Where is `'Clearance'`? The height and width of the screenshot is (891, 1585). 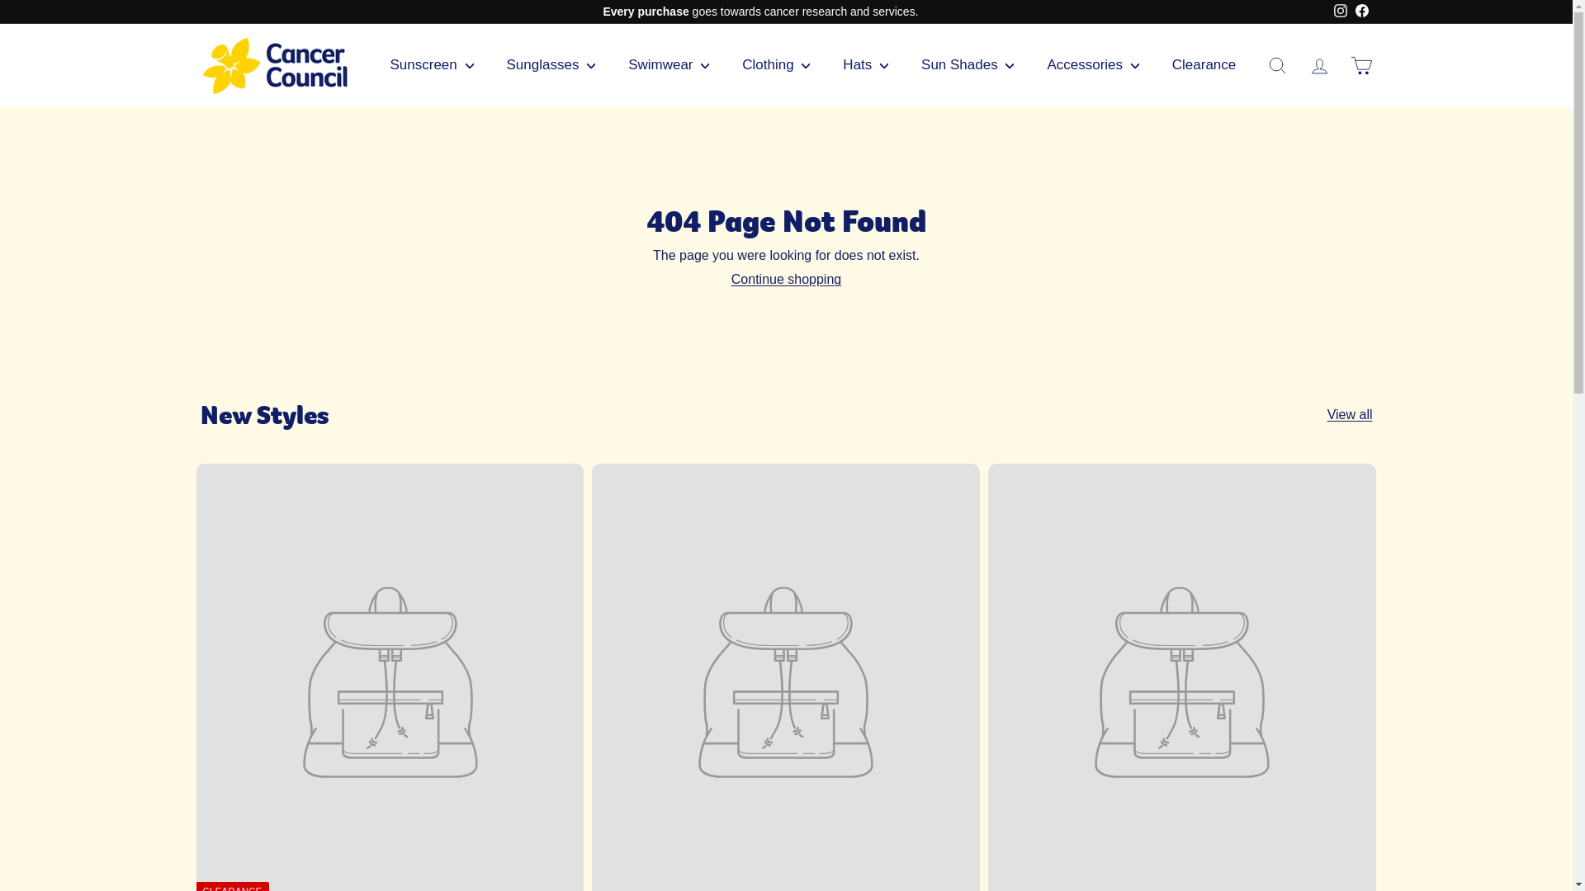 'Clearance' is located at coordinates (1204, 64).